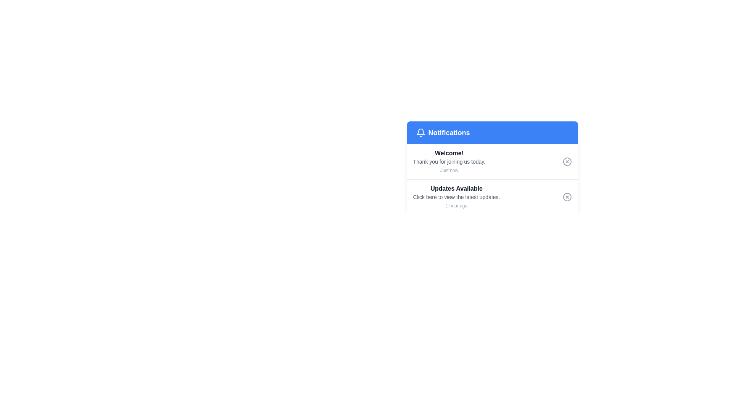  What do you see at coordinates (567, 196) in the screenshot?
I see `the SVG graphical circle element that is part of the close or cancel icon, located to the far right of the 'Updates Available' notification in the sidebar` at bounding box center [567, 196].